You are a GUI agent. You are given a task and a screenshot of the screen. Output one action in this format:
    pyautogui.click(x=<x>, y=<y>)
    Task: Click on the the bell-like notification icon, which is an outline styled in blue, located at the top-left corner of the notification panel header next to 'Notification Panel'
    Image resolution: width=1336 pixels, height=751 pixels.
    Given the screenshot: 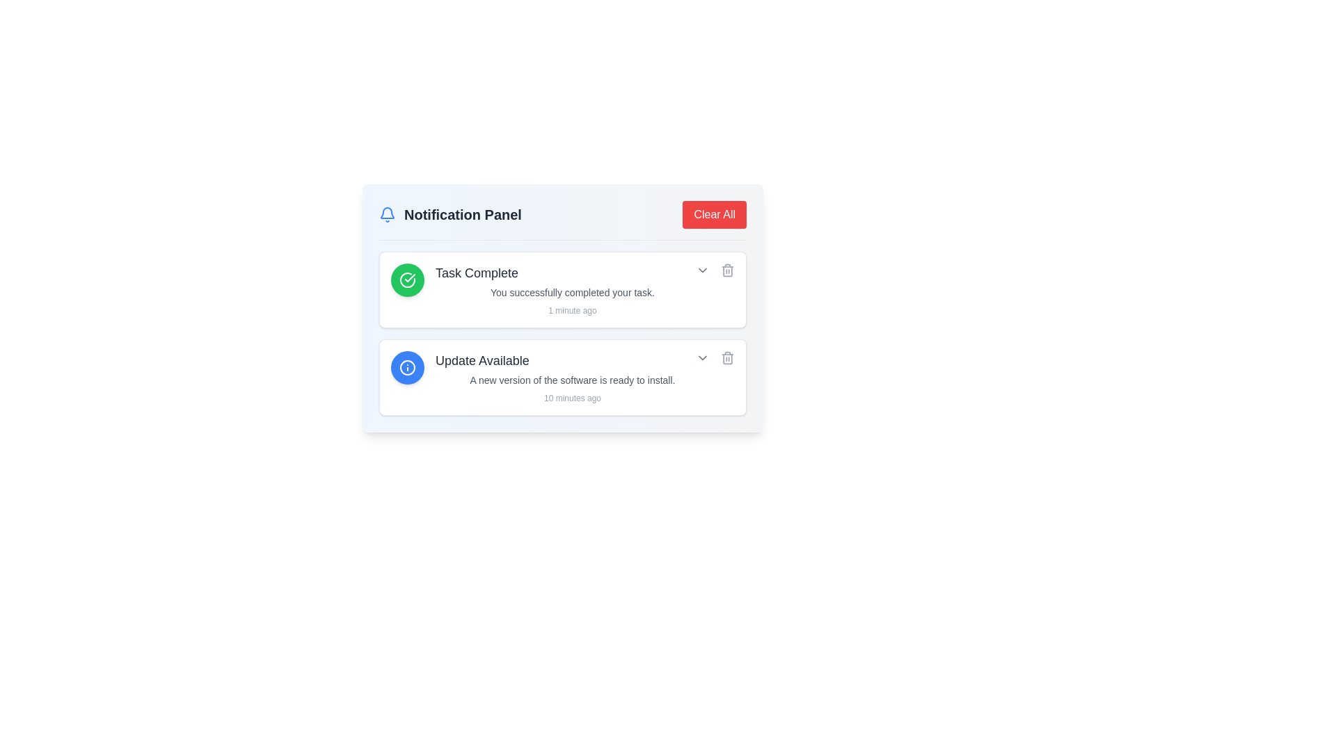 What is the action you would take?
    pyautogui.click(x=387, y=213)
    